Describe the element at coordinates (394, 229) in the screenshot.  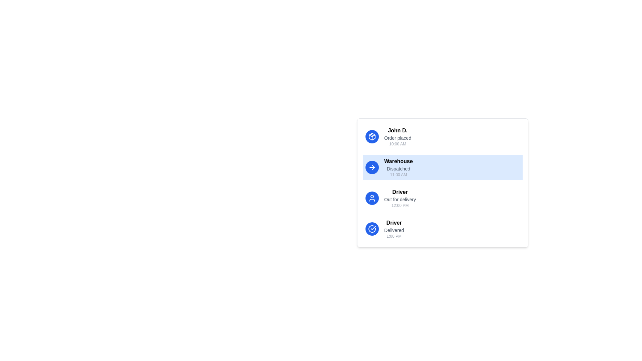
I see `the Text display component that shows 'Driver', 'Delivered', and '1:00 PM', located at the bottom entry in the timeline interface` at that location.